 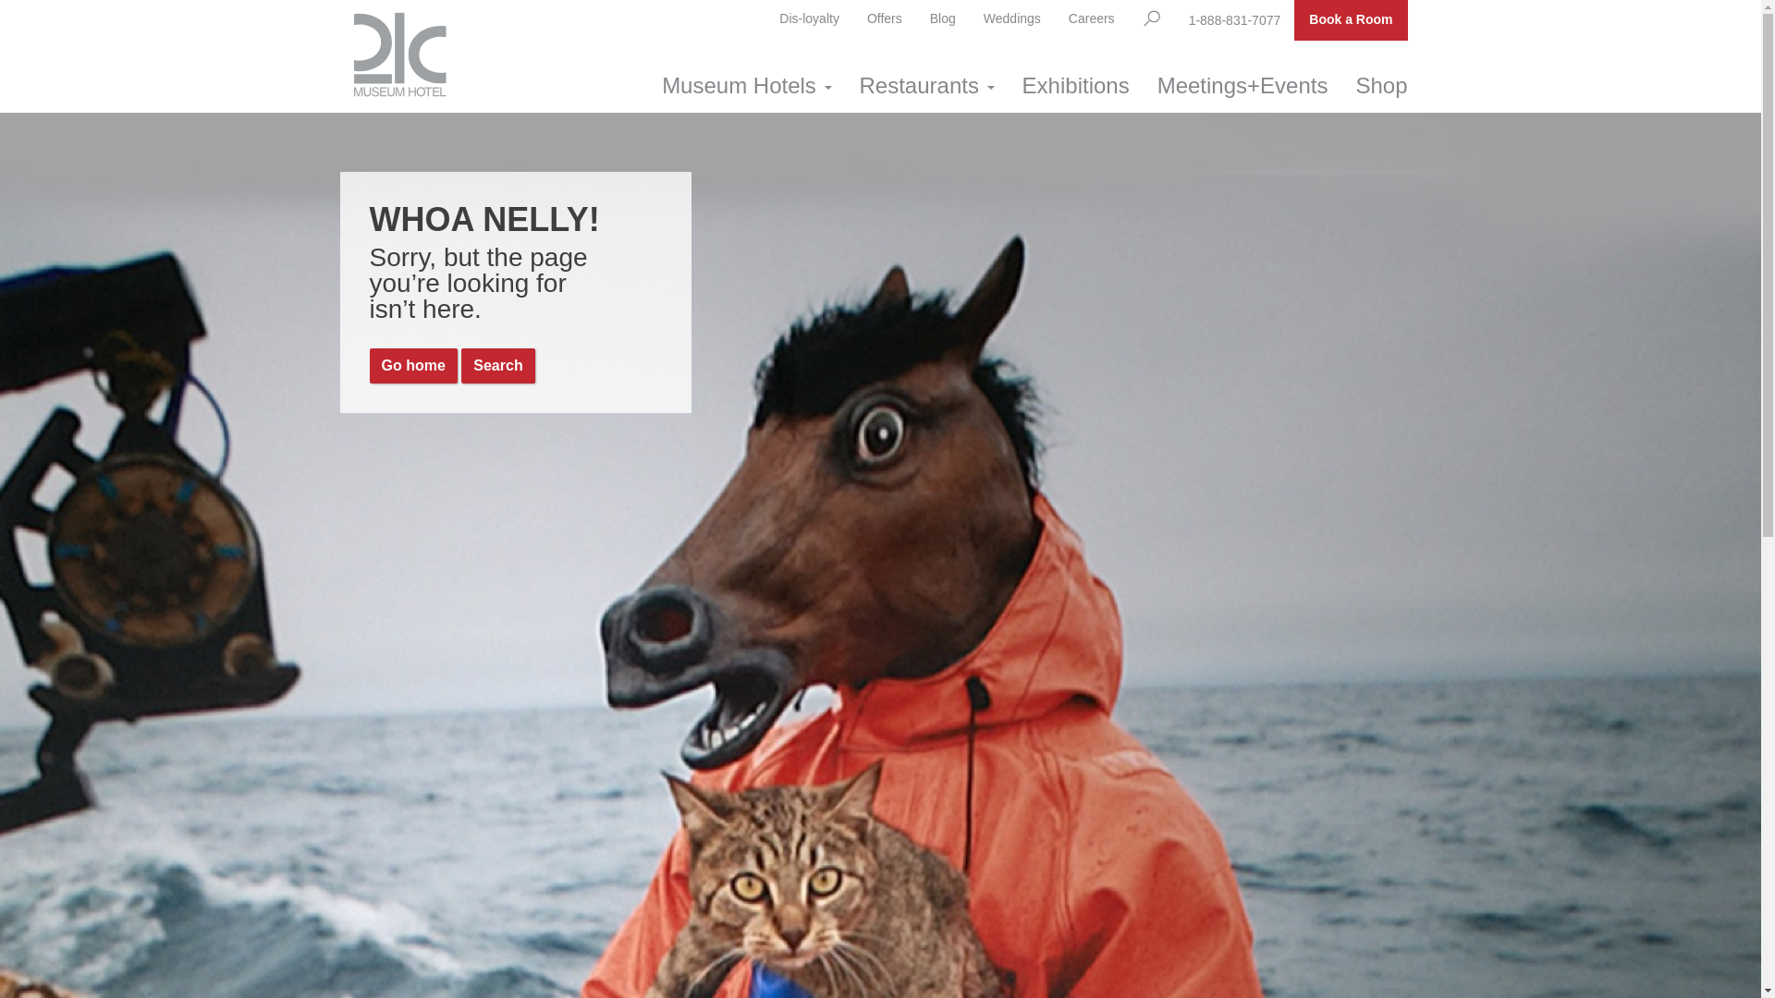 I want to click on 'Exhibitions', so click(x=1075, y=85).